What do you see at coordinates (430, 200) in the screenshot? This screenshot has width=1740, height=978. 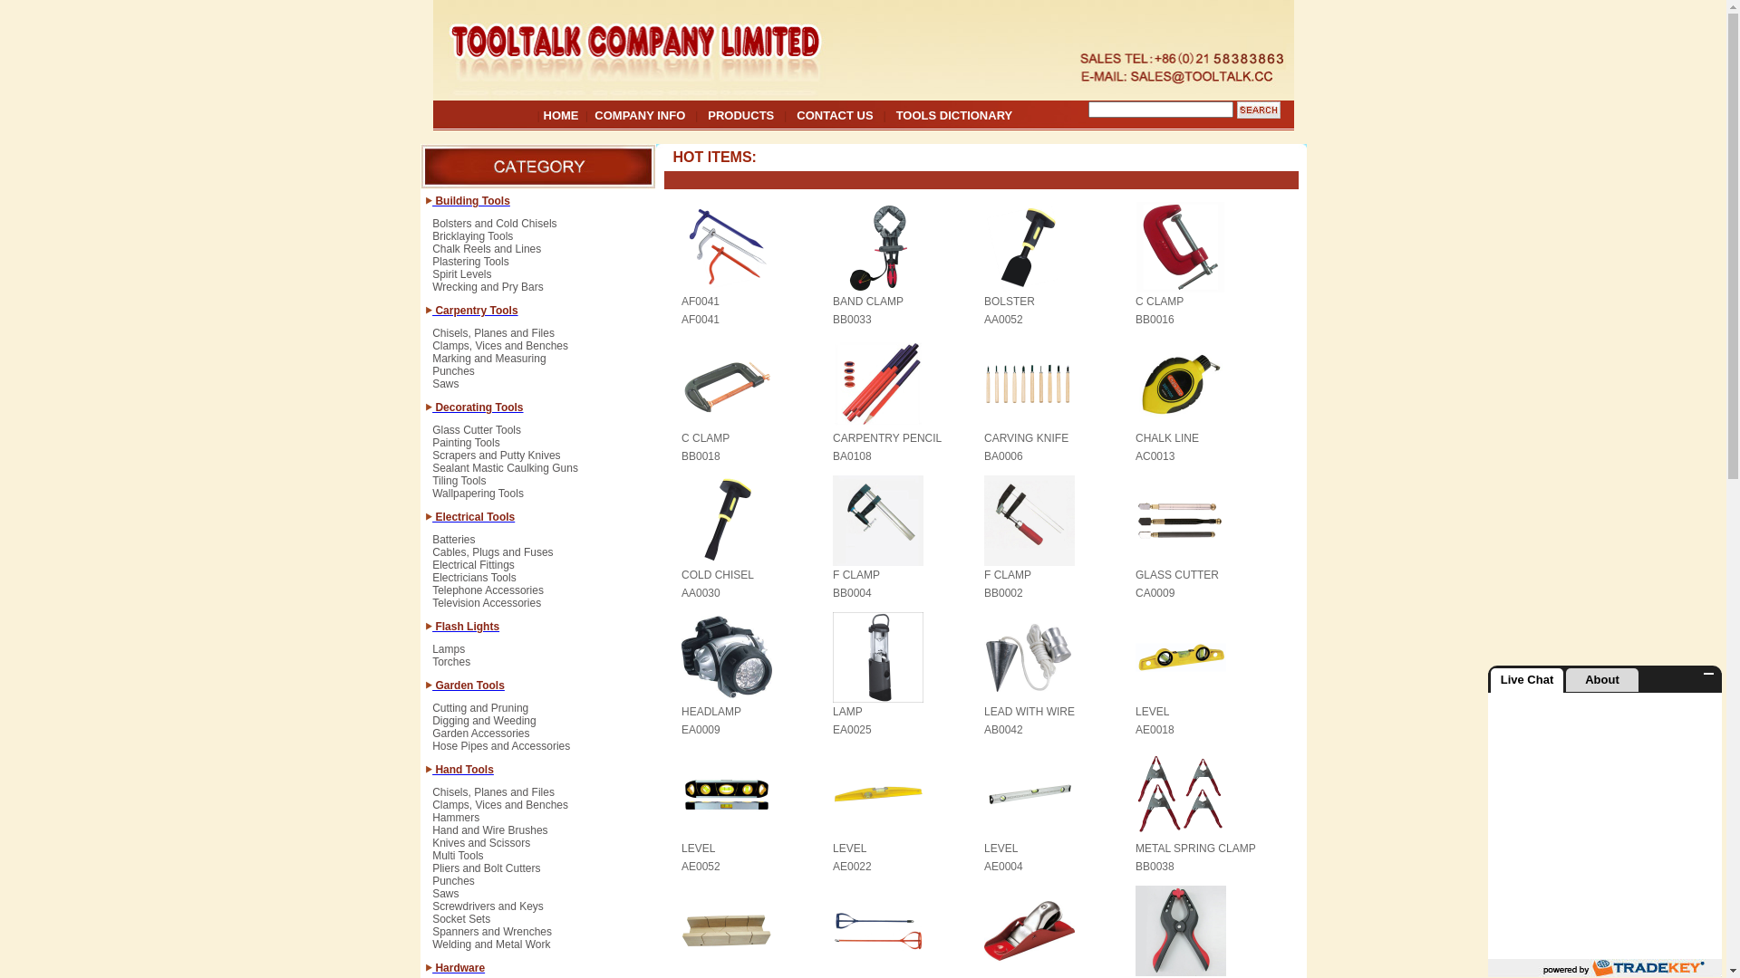 I see `'Building Tools'` at bounding box center [430, 200].